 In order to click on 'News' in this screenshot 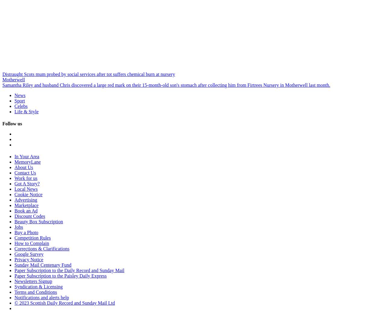, I will do `click(20, 95)`.